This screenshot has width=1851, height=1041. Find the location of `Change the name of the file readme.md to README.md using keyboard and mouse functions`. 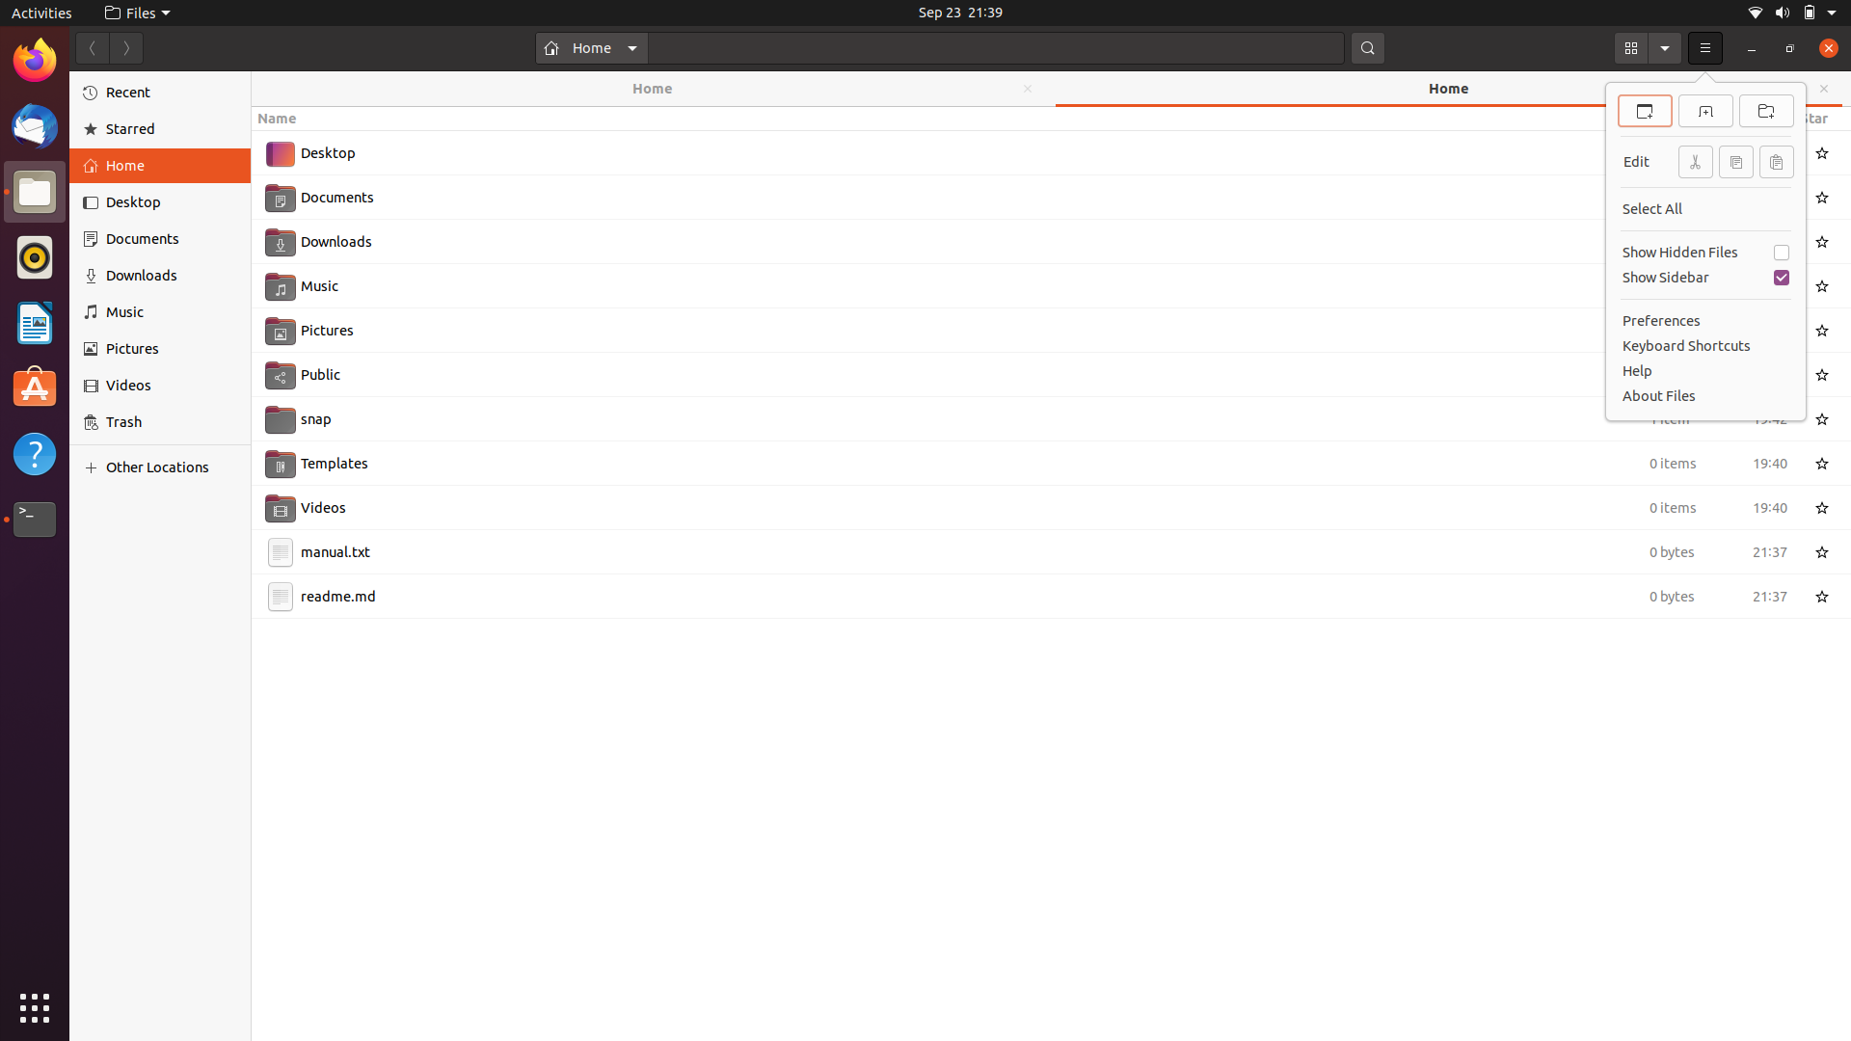

Change the name of the file readme.md to README.md using keyboard and mouse functions is located at coordinates (1030, 594).